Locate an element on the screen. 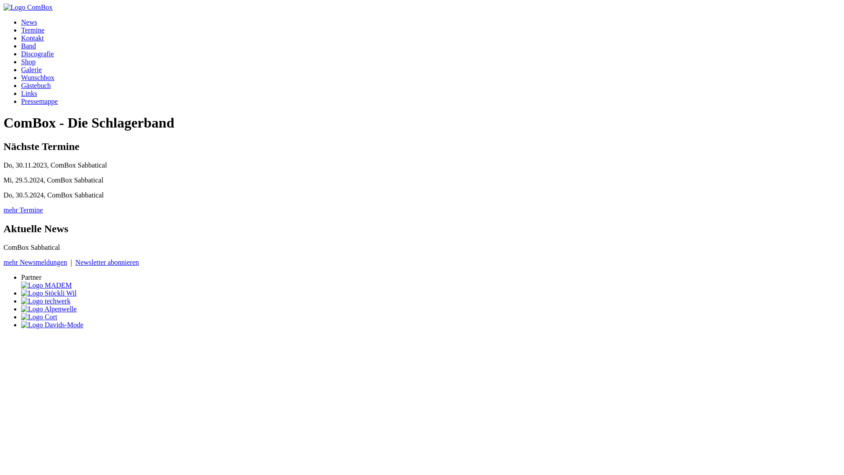  'mehr Newsmeldungen' is located at coordinates (35, 262).